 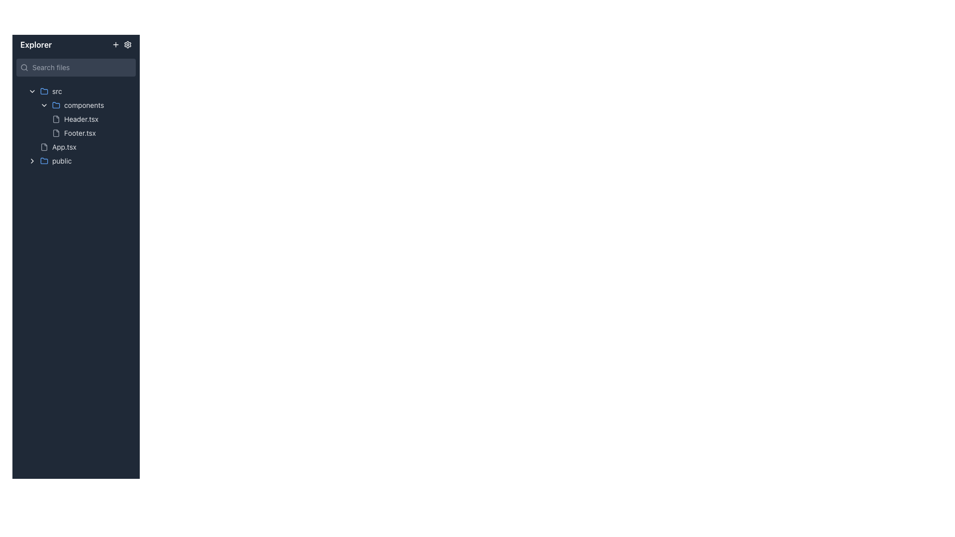 What do you see at coordinates (76, 126) in the screenshot?
I see `the 'Header.tsx' file in the navigation tree located under the 'src' folder and 'components' subfolder` at bounding box center [76, 126].